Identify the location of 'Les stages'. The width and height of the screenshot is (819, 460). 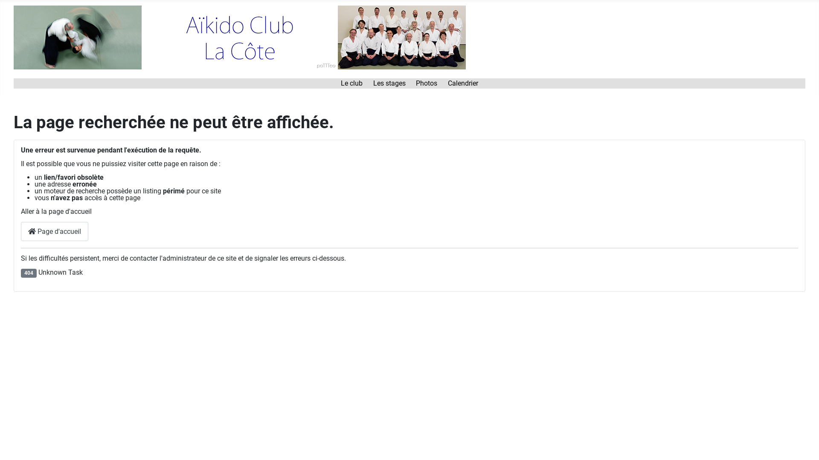
(389, 83).